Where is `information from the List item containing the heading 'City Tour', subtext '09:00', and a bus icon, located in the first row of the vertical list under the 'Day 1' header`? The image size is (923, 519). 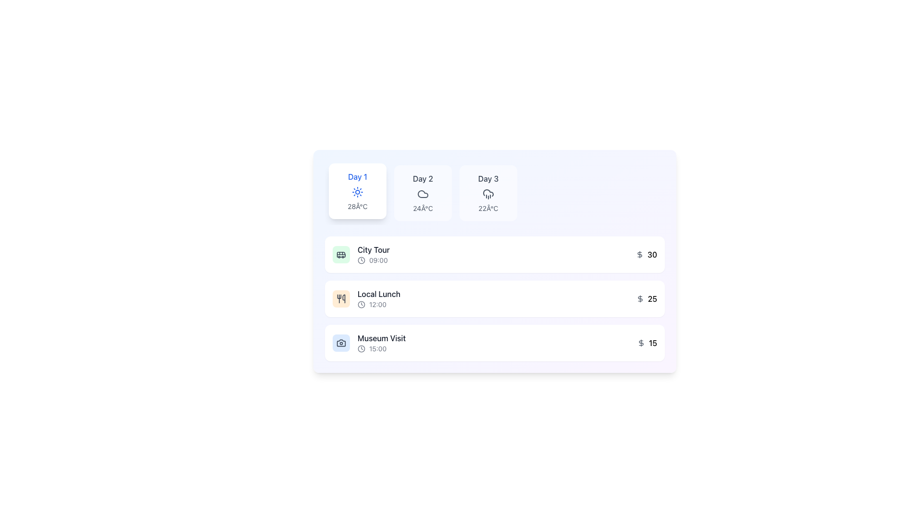 information from the List item containing the heading 'City Tour', subtext '09:00', and a bus icon, located in the first row of the vertical list under the 'Day 1' header is located at coordinates (361, 254).